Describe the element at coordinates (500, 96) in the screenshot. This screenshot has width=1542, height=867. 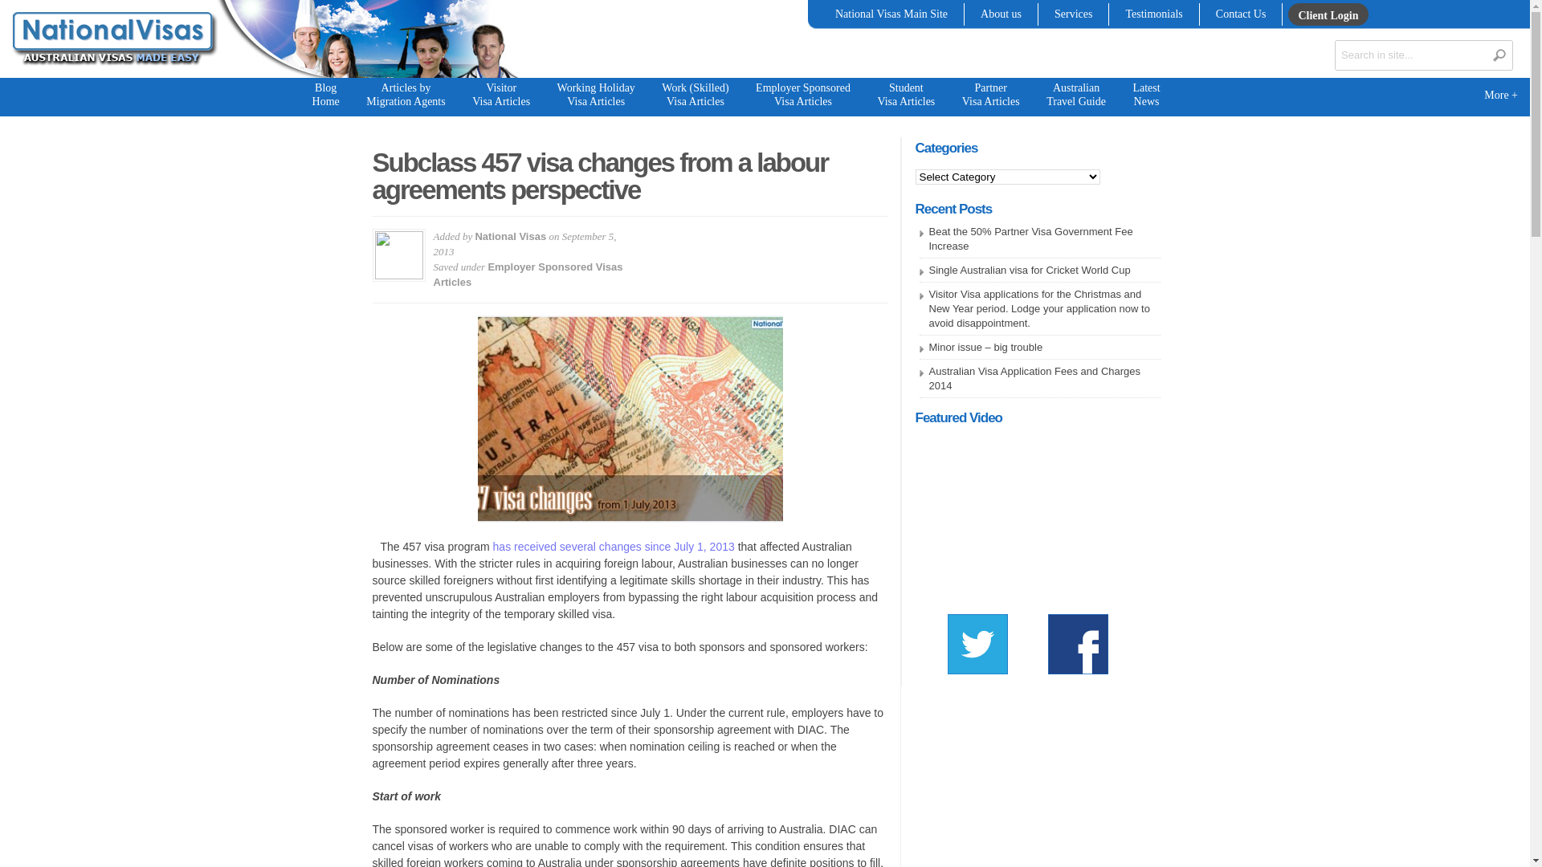
I see `'Visitor` at that location.